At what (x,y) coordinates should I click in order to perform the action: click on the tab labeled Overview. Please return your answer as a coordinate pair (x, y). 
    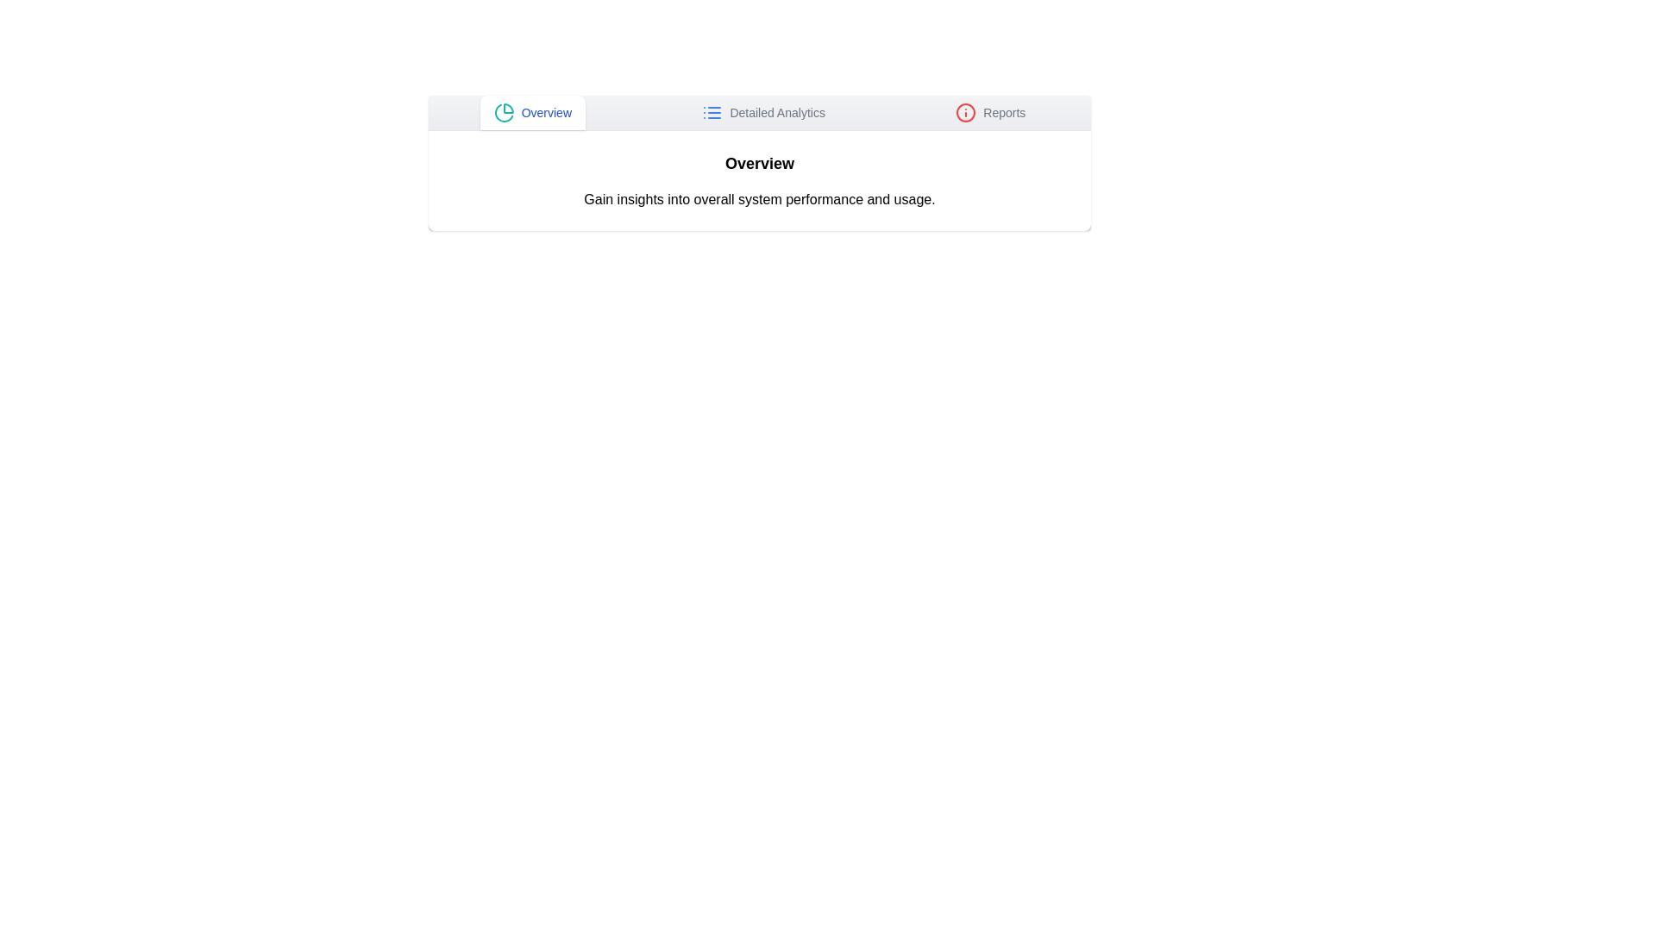
    Looking at the image, I should click on (531, 113).